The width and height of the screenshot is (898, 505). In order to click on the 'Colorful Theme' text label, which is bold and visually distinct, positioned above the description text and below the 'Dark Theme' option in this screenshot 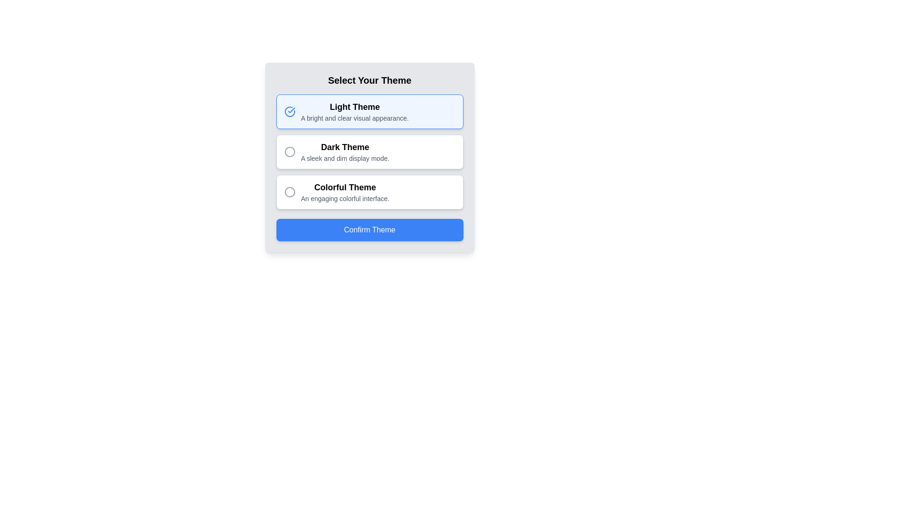, I will do `click(345, 188)`.